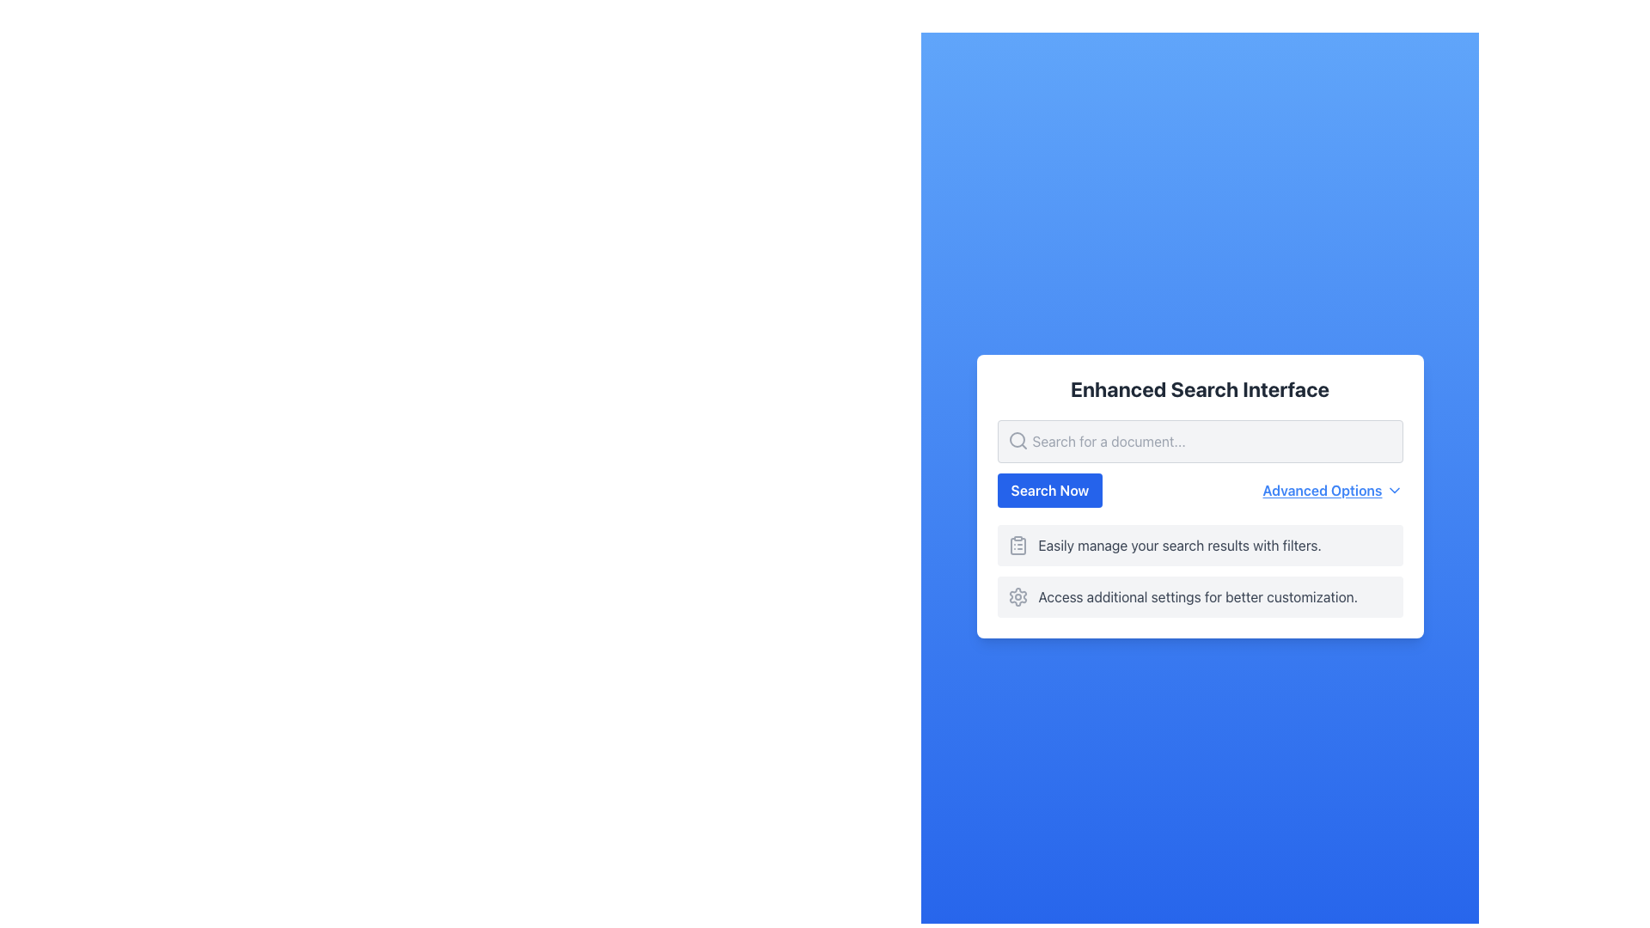 The height and width of the screenshot is (928, 1650). I want to click on the 'Search Now' button, which is a rectangular button with rounded corners, a blue background, and white bold text, located below the search input field in the 'Enhanced Search Interface' card, so click(1048, 490).